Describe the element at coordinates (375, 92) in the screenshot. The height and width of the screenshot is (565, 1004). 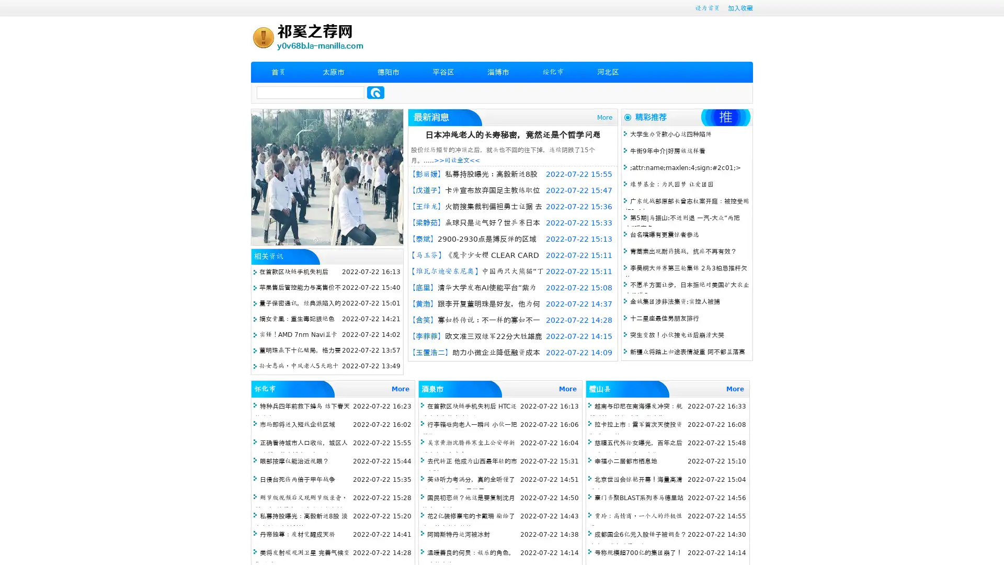
I see `Search` at that location.